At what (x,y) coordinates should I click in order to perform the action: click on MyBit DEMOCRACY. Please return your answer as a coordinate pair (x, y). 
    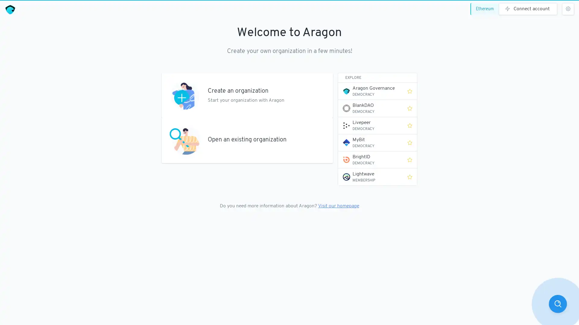
    Looking at the image, I should click on (370, 143).